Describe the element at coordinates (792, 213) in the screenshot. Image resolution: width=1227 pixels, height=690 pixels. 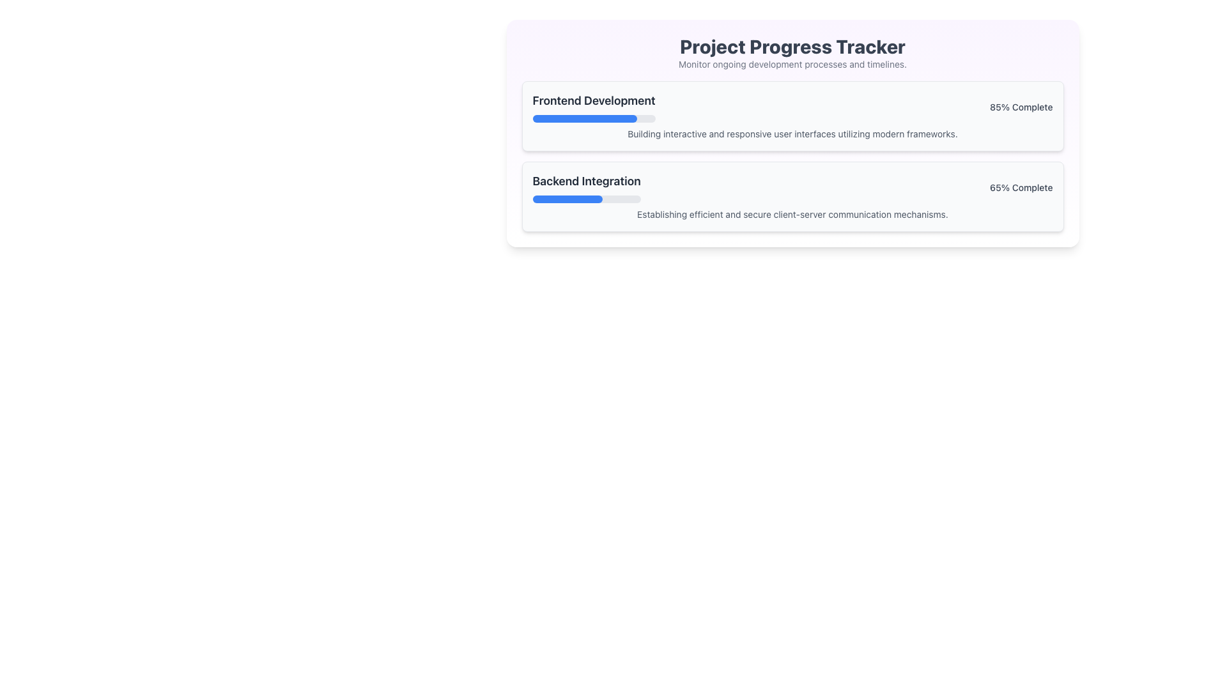
I see `the text label that describes the backend integration progress, located below the progress bar indicating 65% completion` at that location.